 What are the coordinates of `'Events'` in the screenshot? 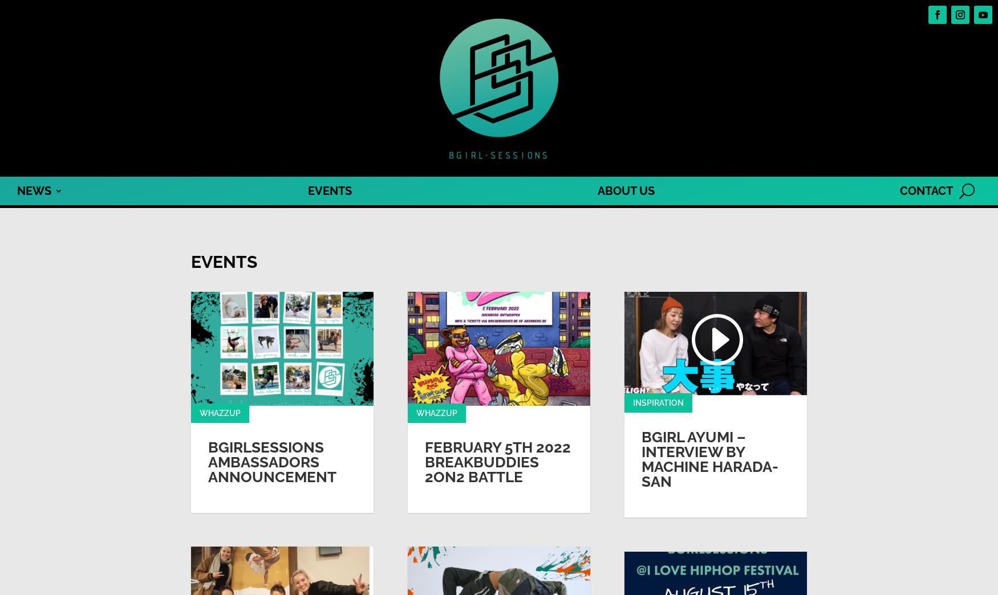 It's located at (190, 261).